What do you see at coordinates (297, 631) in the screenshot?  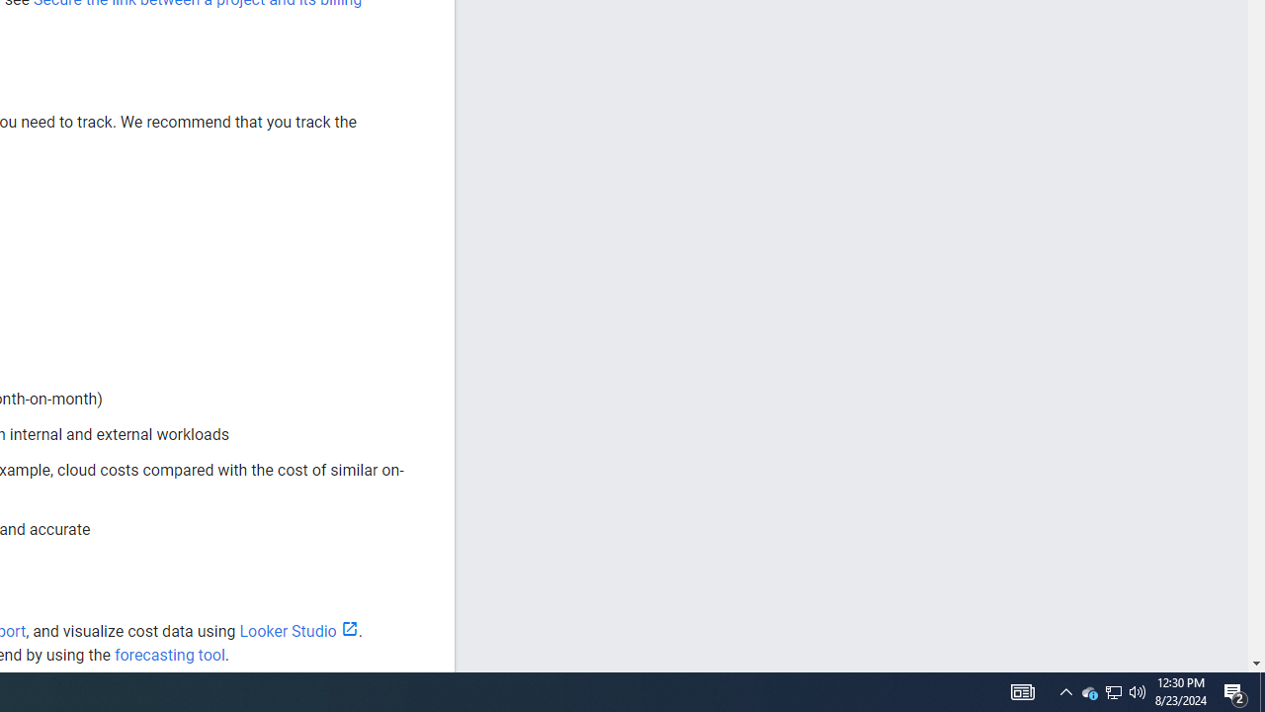 I see `'Looker Studio'` at bounding box center [297, 631].